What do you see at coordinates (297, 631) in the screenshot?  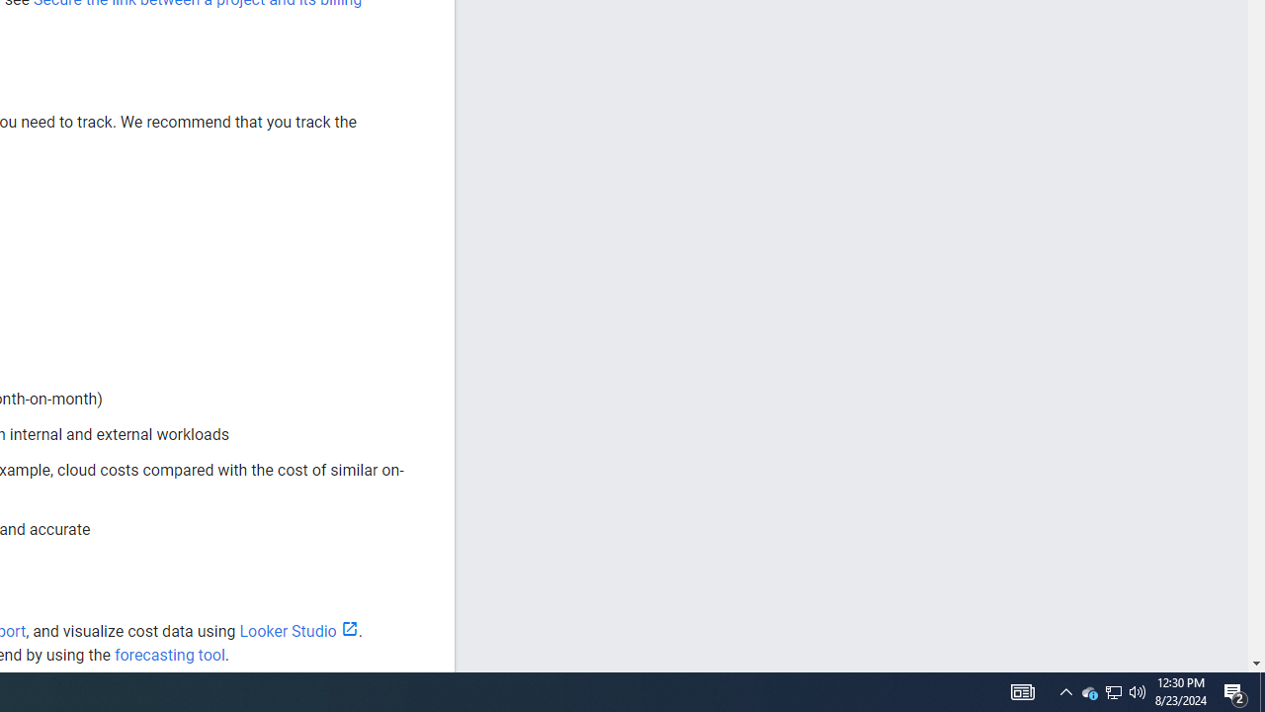 I see `'Looker Studio'` at bounding box center [297, 631].